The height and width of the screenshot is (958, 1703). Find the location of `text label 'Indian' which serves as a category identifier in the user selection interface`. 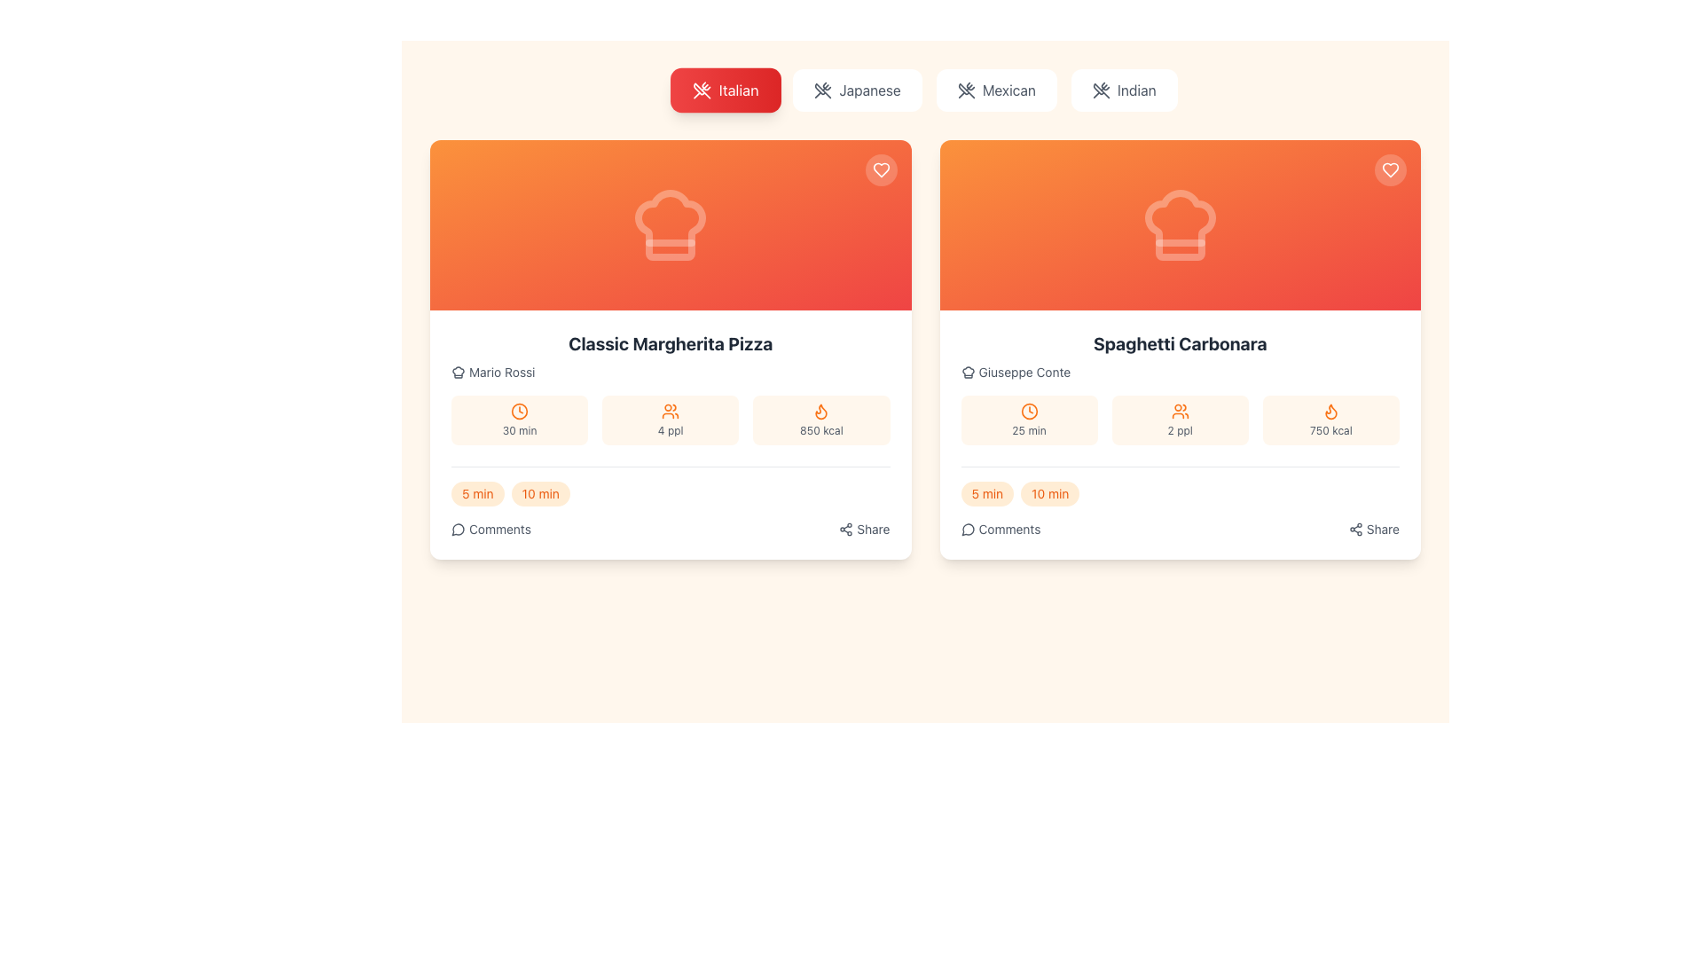

text label 'Indian' which serves as a category identifier in the user selection interface is located at coordinates (1136, 90).